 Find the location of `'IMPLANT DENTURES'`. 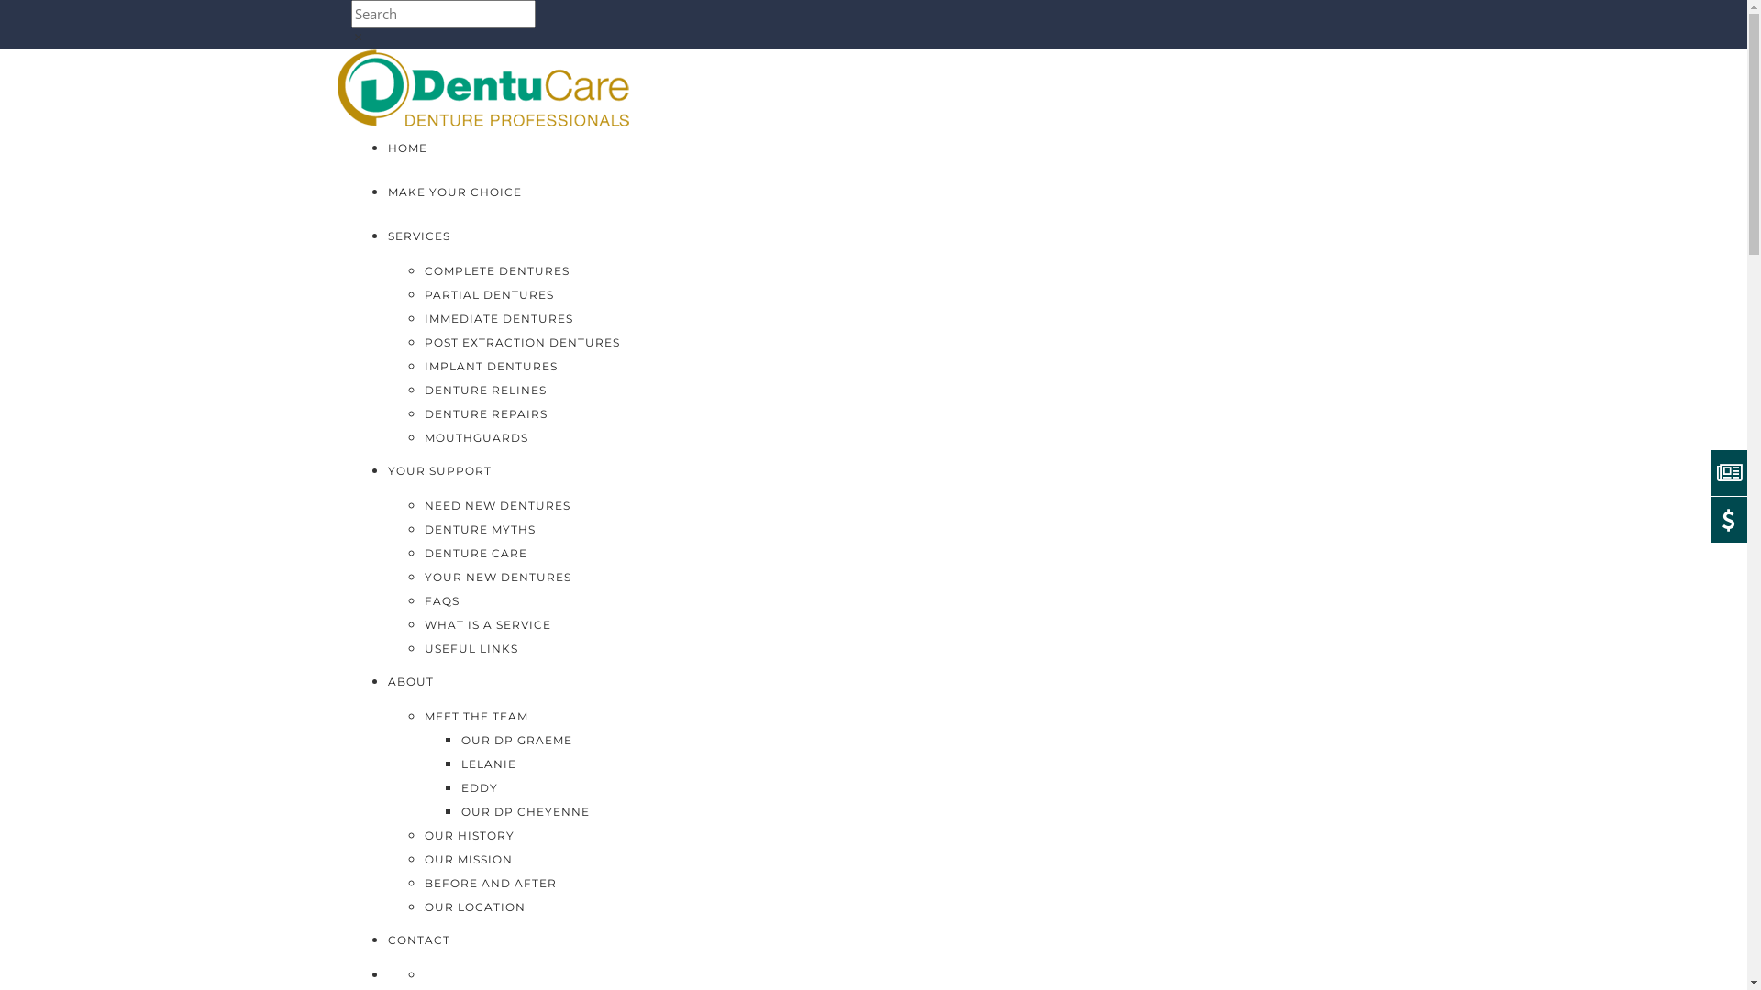

'IMPLANT DENTURES' is located at coordinates (490, 366).